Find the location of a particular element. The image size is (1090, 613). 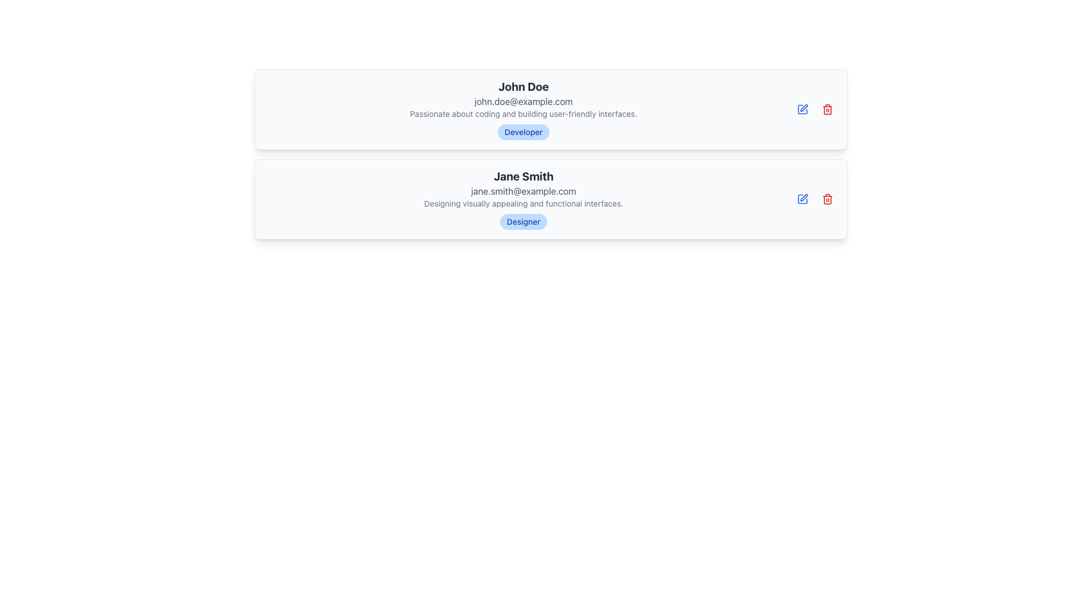

the red trash can button, which is a circular icon representing a delete action is located at coordinates (828, 109).